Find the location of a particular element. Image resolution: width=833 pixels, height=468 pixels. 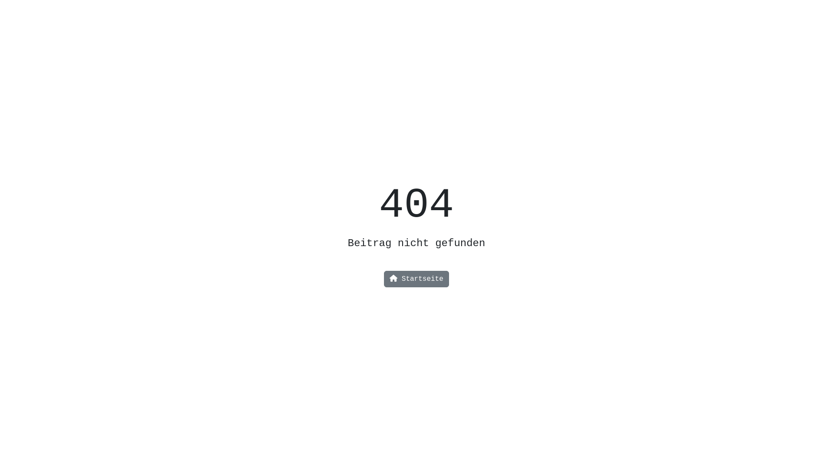

'Startseite' is located at coordinates (383, 279).